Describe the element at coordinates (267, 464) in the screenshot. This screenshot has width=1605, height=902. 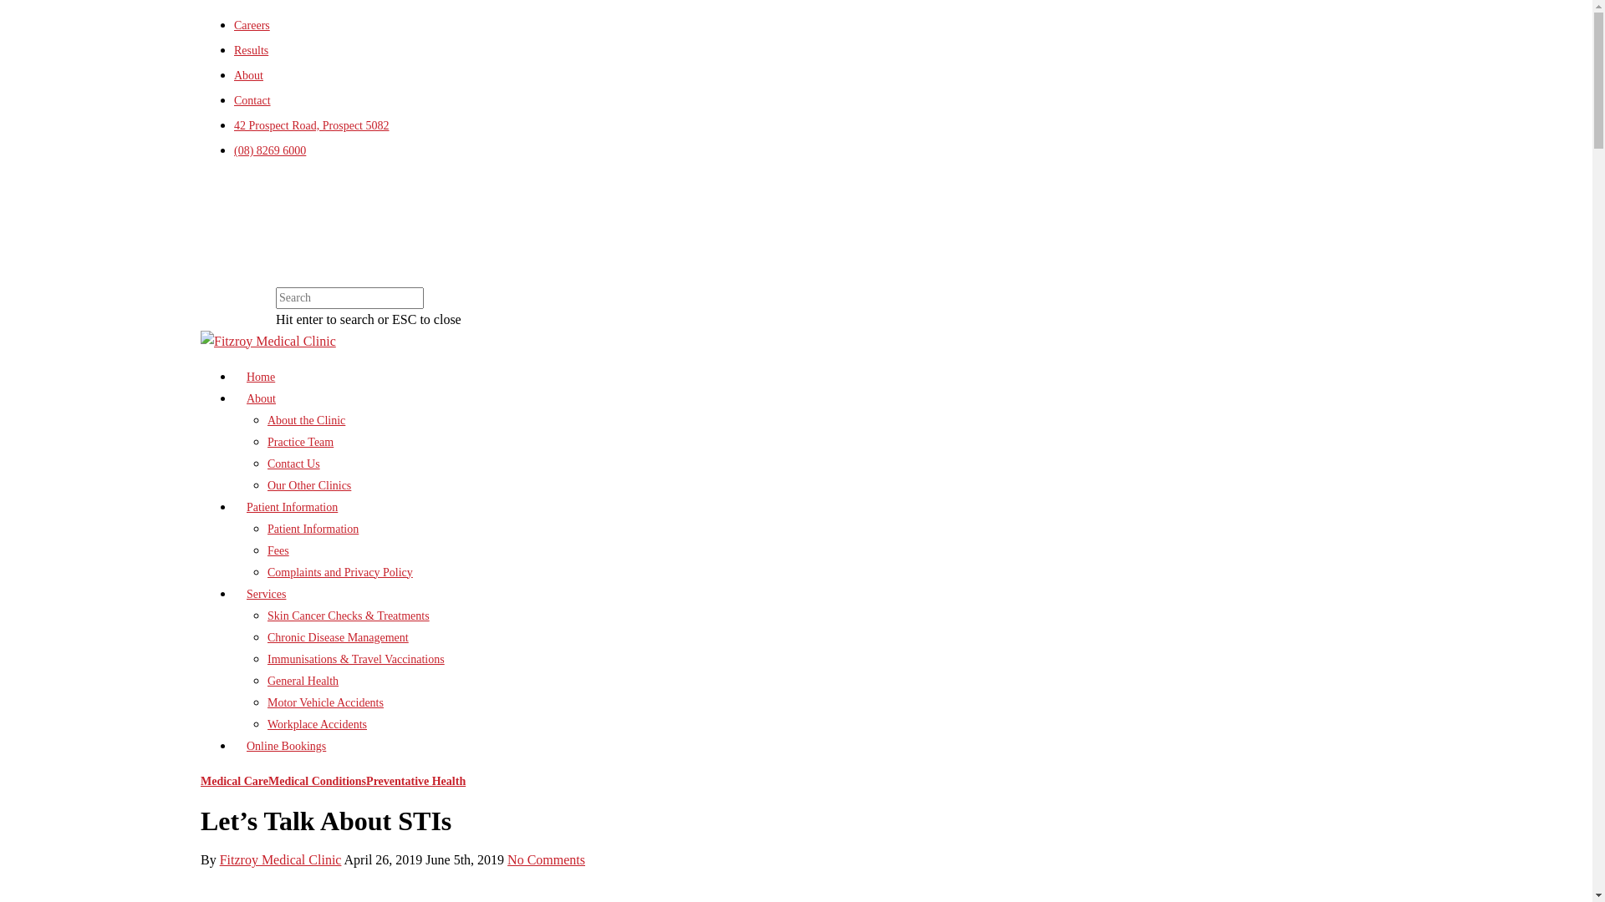
I see `'Contact Us'` at that location.